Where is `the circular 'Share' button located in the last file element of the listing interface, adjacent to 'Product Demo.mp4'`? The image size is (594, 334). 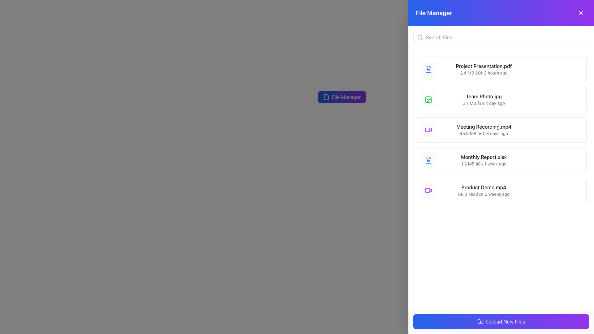 the circular 'Share' button located in the last file element of the listing interface, adjacent to 'Product Demo.mp4' is located at coordinates (537, 190).